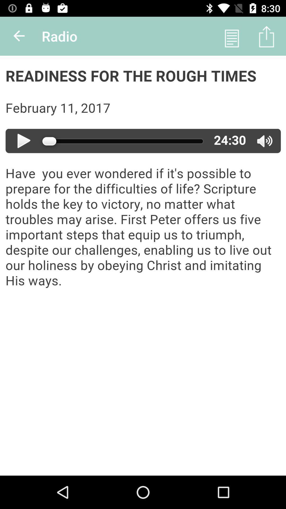  What do you see at coordinates (19, 36) in the screenshot?
I see `go back` at bounding box center [19, 36].